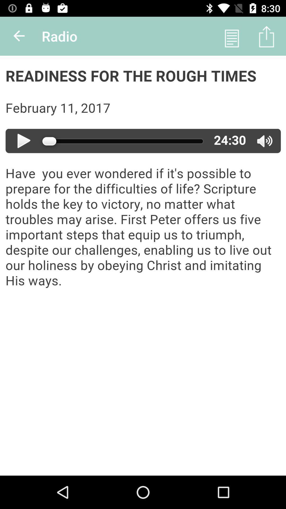  What do you see at coordinates (19, 36) in the screenshot?
I see `go back` at bounding box center [19, 36].